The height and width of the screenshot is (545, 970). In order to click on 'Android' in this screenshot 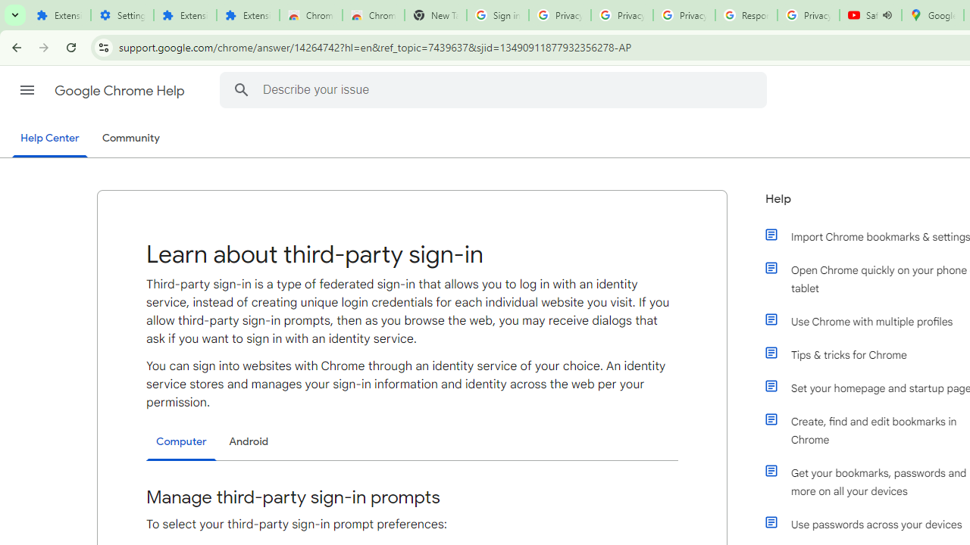, I will do `click(249, 441)`.